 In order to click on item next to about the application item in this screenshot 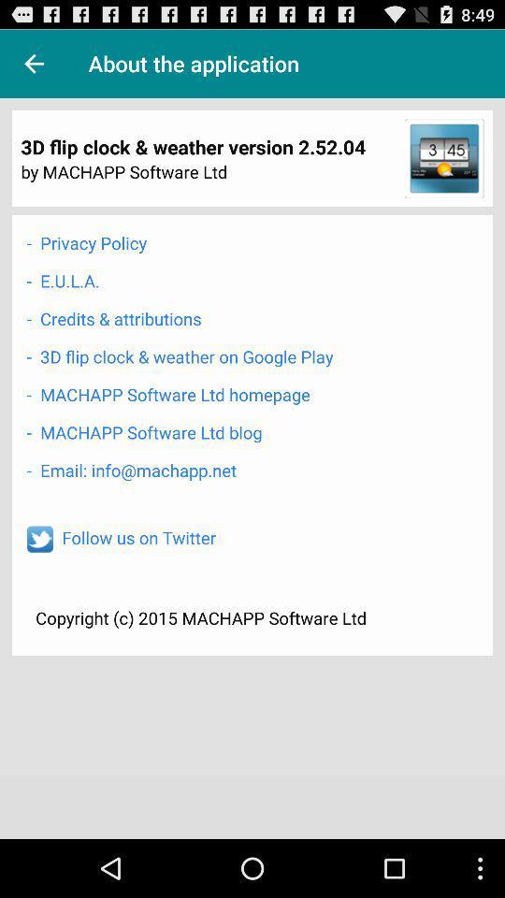, I will do `click(34, 64)`.